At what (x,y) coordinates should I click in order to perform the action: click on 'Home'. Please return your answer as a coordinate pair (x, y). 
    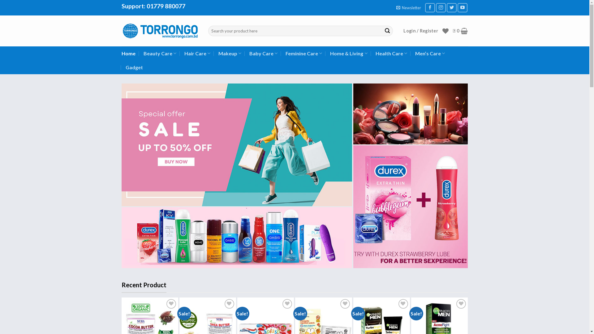
    Looking at the image, I should click on (128, 53).